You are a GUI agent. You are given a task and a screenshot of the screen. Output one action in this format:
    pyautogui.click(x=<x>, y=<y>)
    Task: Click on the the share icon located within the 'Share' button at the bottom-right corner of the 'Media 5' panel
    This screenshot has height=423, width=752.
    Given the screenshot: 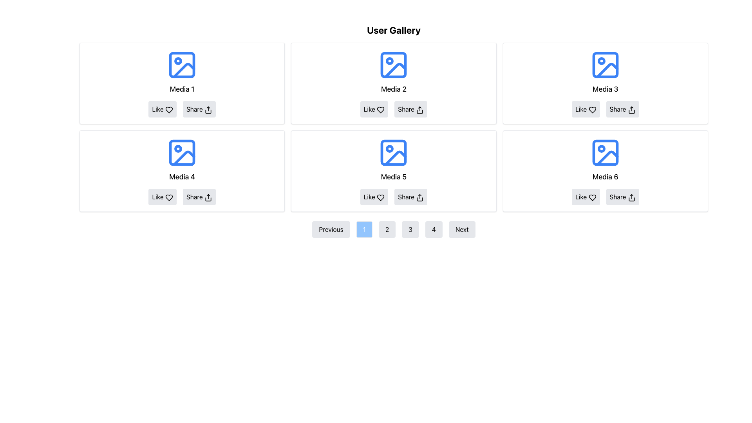 What is the action you would take?
    pyautogui.click(x=419, y=197)
    